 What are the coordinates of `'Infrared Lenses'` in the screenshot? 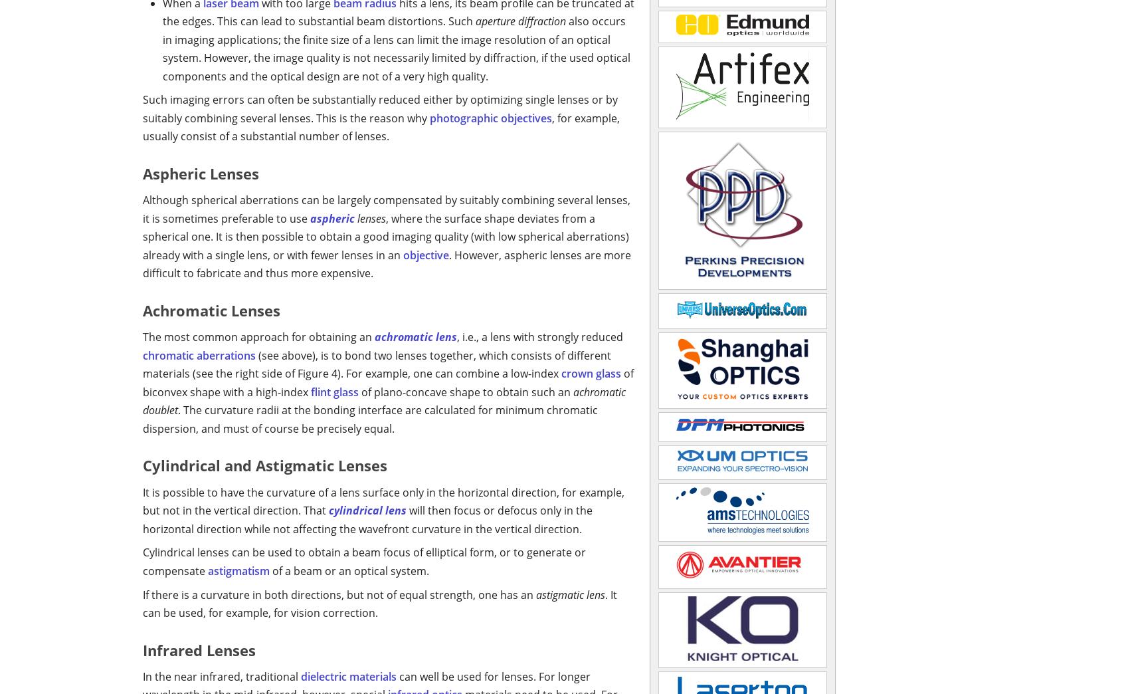 It's located at (199, 649).